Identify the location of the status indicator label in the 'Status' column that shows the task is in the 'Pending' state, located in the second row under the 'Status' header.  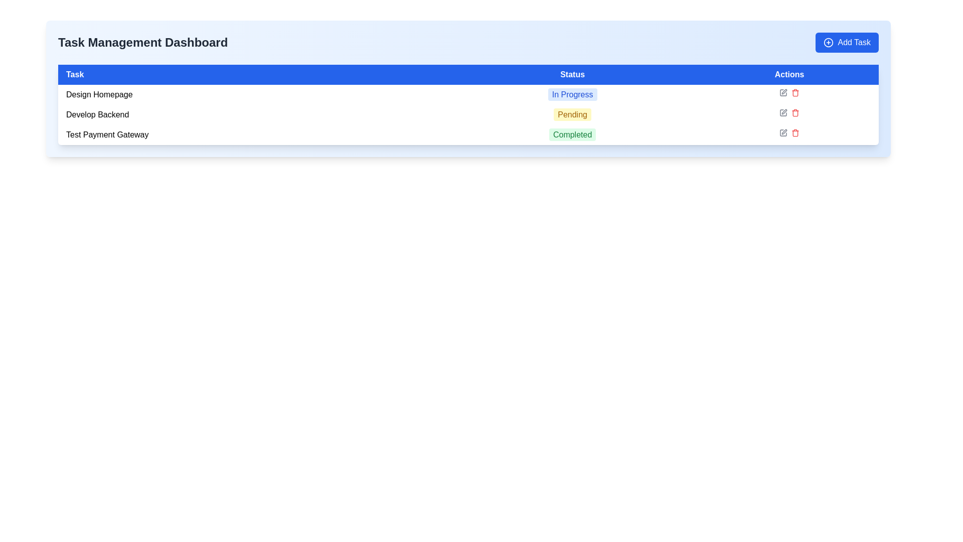
(572, 114).